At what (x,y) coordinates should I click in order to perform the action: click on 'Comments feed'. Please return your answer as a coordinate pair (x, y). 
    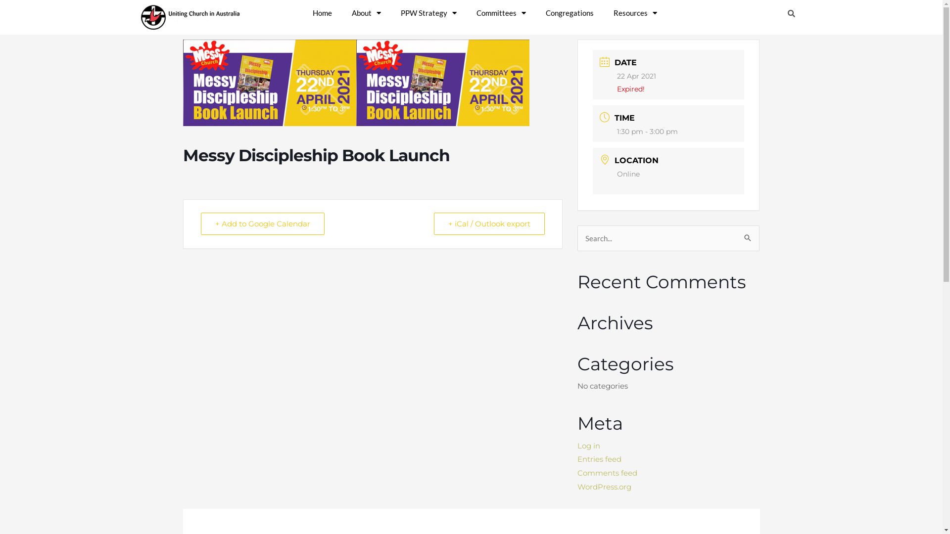
    Looking at the image, I should click on (607, 472).